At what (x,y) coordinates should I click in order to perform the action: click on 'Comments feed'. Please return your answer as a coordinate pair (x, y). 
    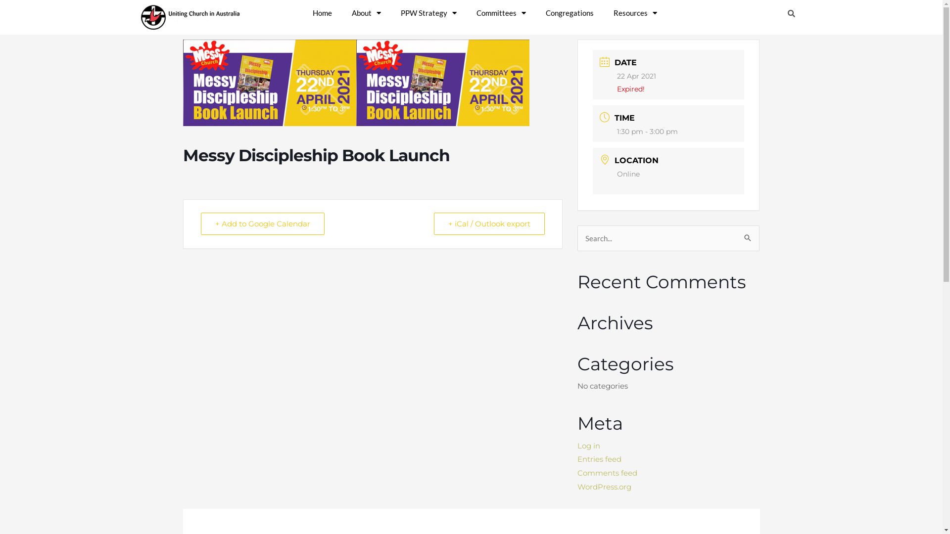
    Looking at the image, I should click on (607, 472).